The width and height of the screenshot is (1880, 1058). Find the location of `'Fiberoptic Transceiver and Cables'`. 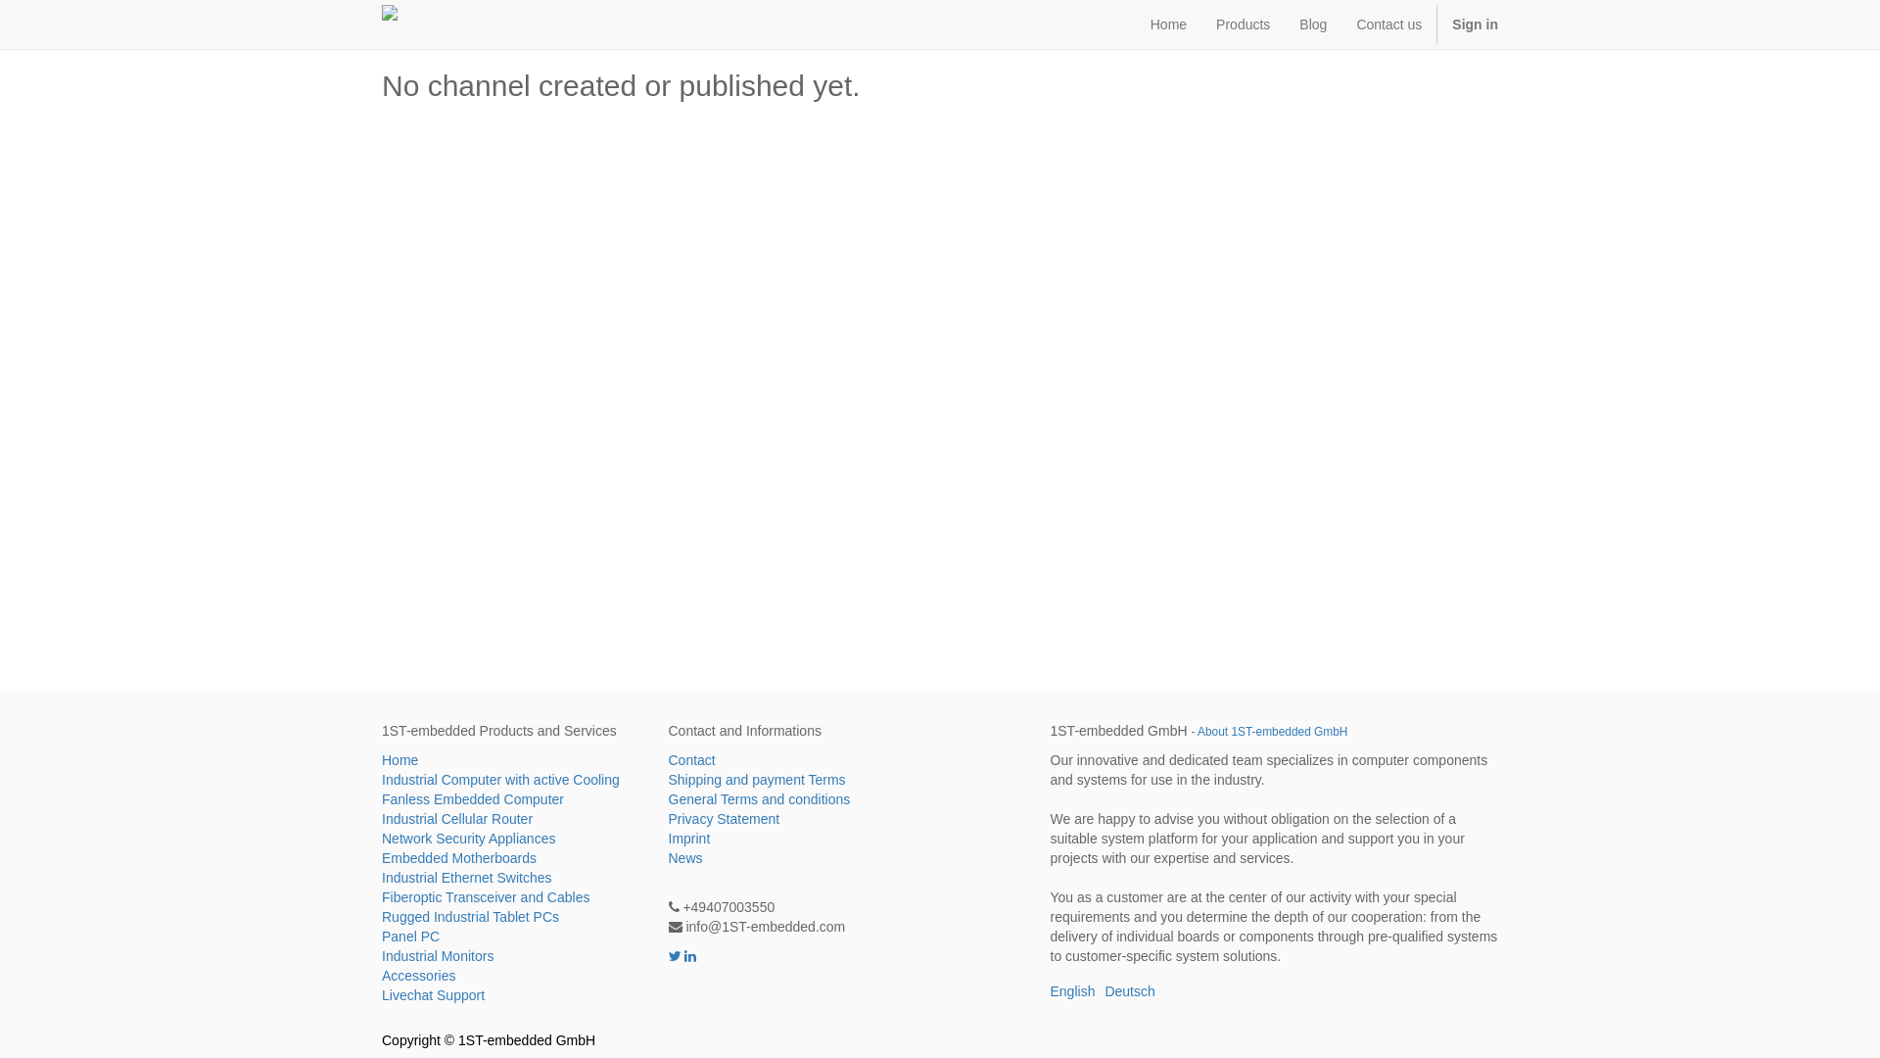

'Fiberoptic Transceiver and Cables' is located at coordinates (510, 896).